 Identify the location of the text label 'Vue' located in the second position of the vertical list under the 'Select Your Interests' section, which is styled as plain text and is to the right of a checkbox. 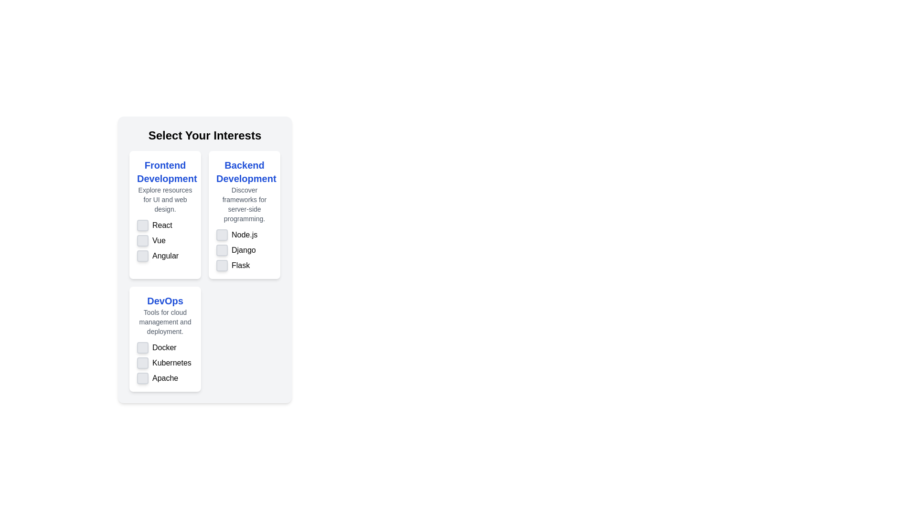
(159, 240).